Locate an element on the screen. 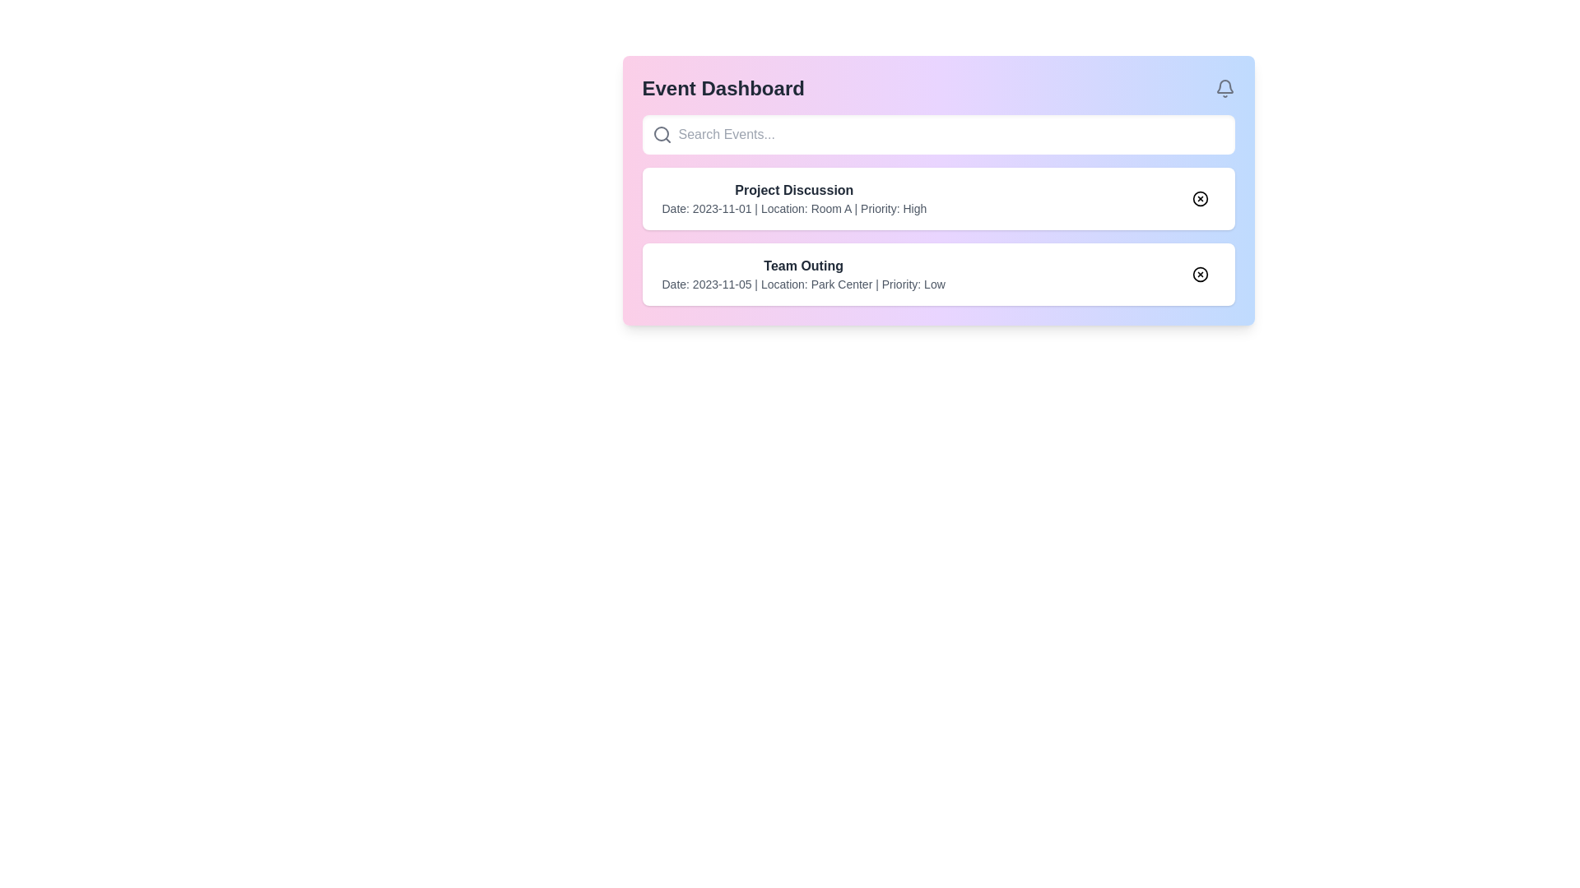 The height and width of the screenshot is (888, 1580). the notification icon represented by a bell shape located at the upper-right corner of the 'Event Dashboard' is located at coordinates (1224, 89).